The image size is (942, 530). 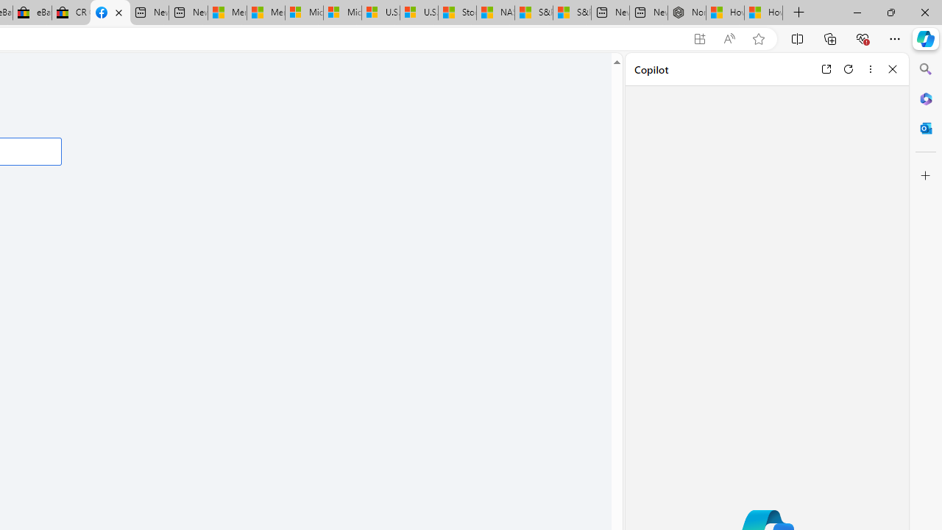 What do you see at coordinates (764, 13) in the screenshot?
I see `'How to Use a Monitor With Your Closed Laptop'` at bounding box center [764, 13].